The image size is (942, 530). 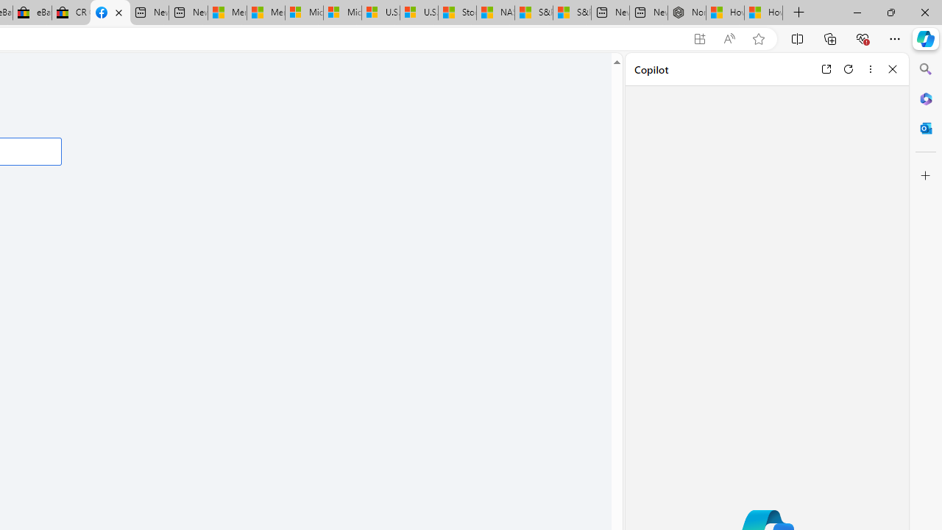 What do you see at coordinates (764, 13) in the screenshot?
I see `'How to Use a Monitor With Your Closed Laptop'` at bounding box center [764, 13].